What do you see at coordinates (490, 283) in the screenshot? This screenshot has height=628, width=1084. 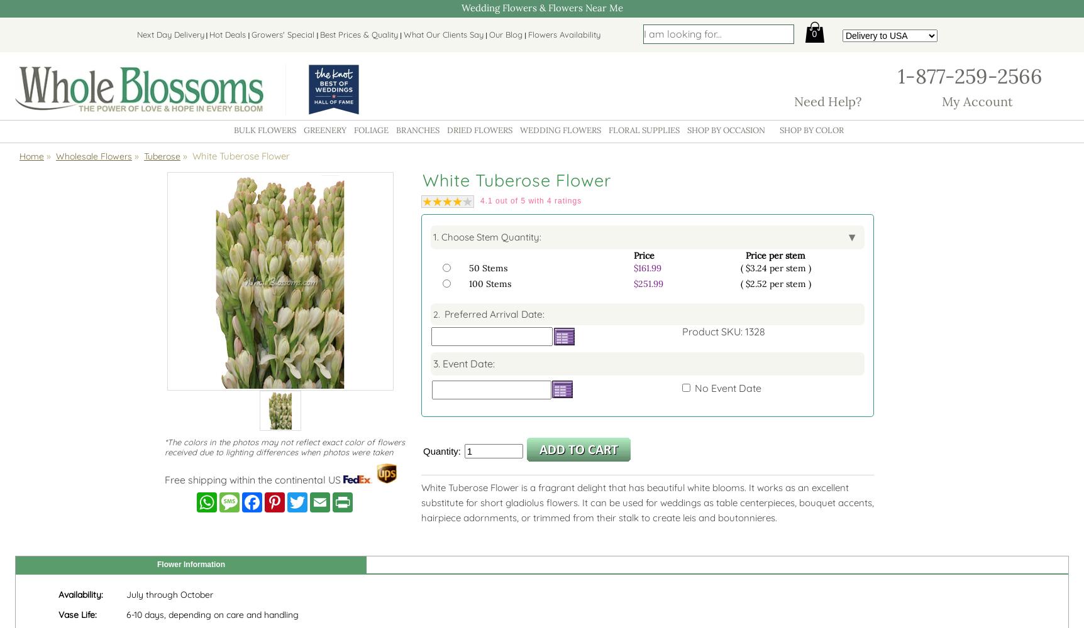 I see `'100 Stems'` at bounding box center [490, 283].